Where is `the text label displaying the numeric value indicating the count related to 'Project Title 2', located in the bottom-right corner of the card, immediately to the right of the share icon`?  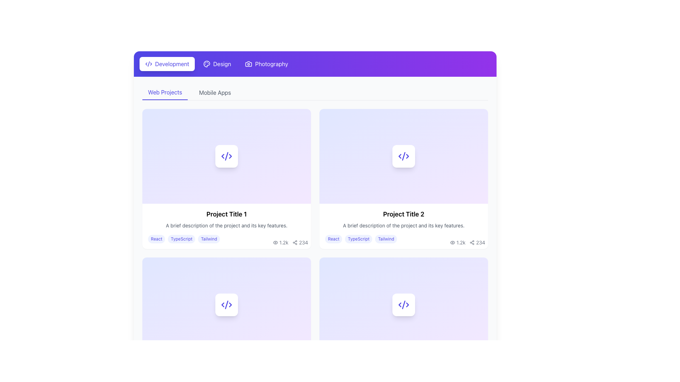
the text label displaying the numeric value indicating the count related to 'Project Title 2', located in the bottom-right corner of the card, immediately to the right of the share icon is located at coordinates (304, 242).